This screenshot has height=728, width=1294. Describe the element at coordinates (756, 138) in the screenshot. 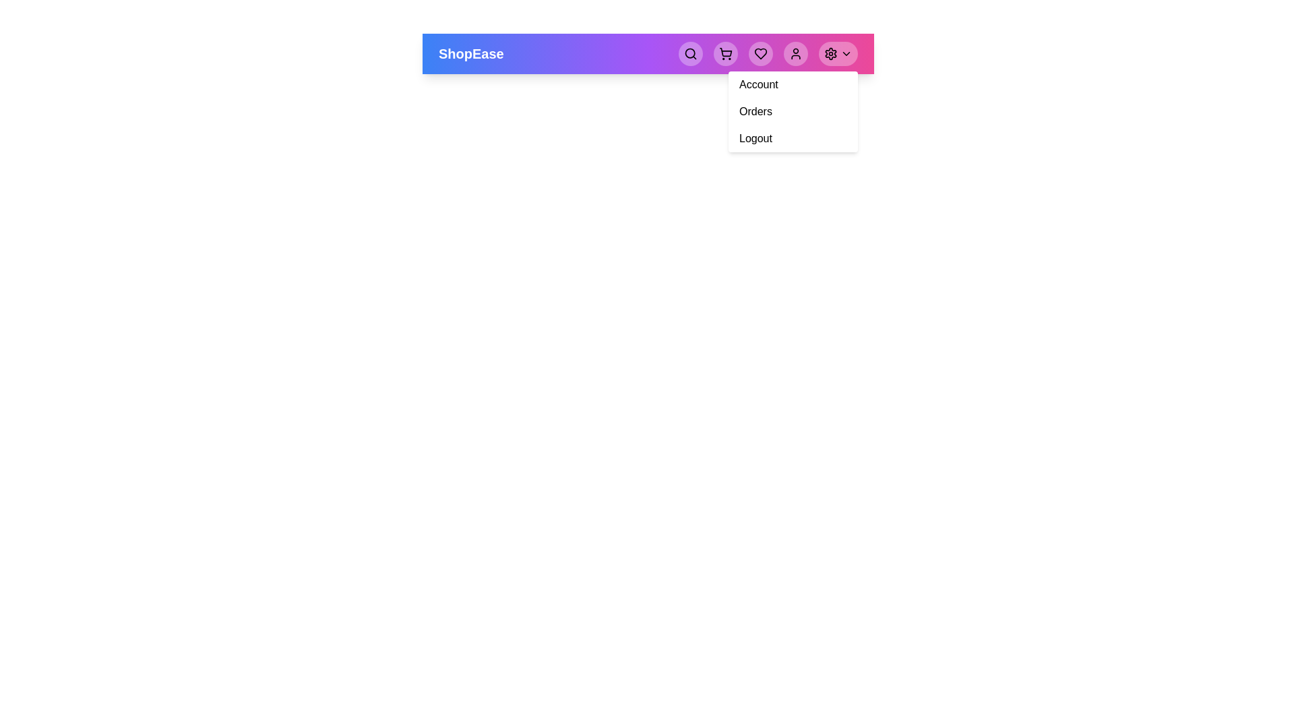

I see `the 'Logout' option in the menu` at that location.